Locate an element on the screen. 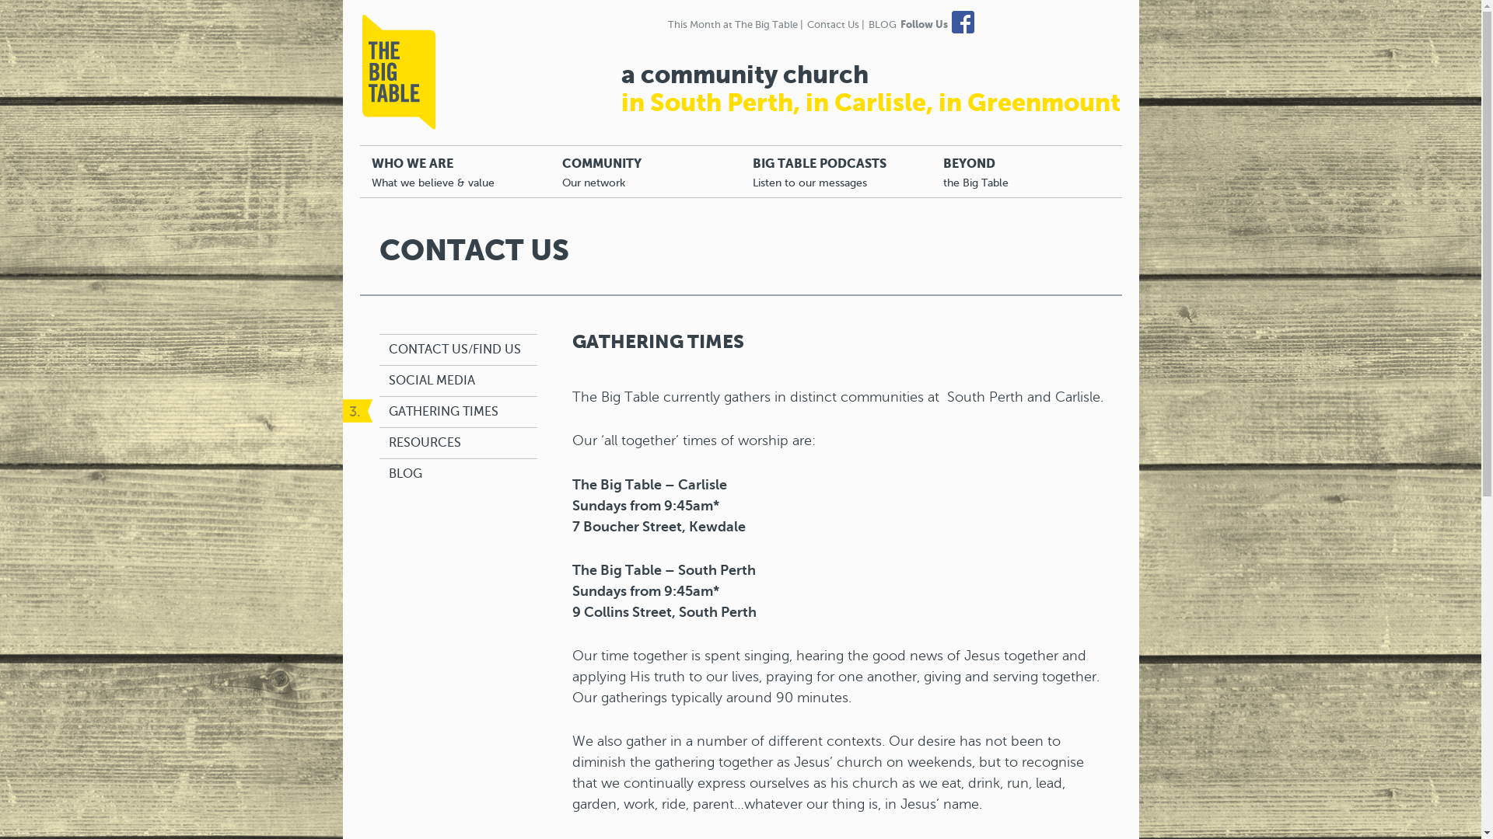 The height and width of the screenshot is (839, 1493). 'Contact Us |' is located at coordinates (835, 24).